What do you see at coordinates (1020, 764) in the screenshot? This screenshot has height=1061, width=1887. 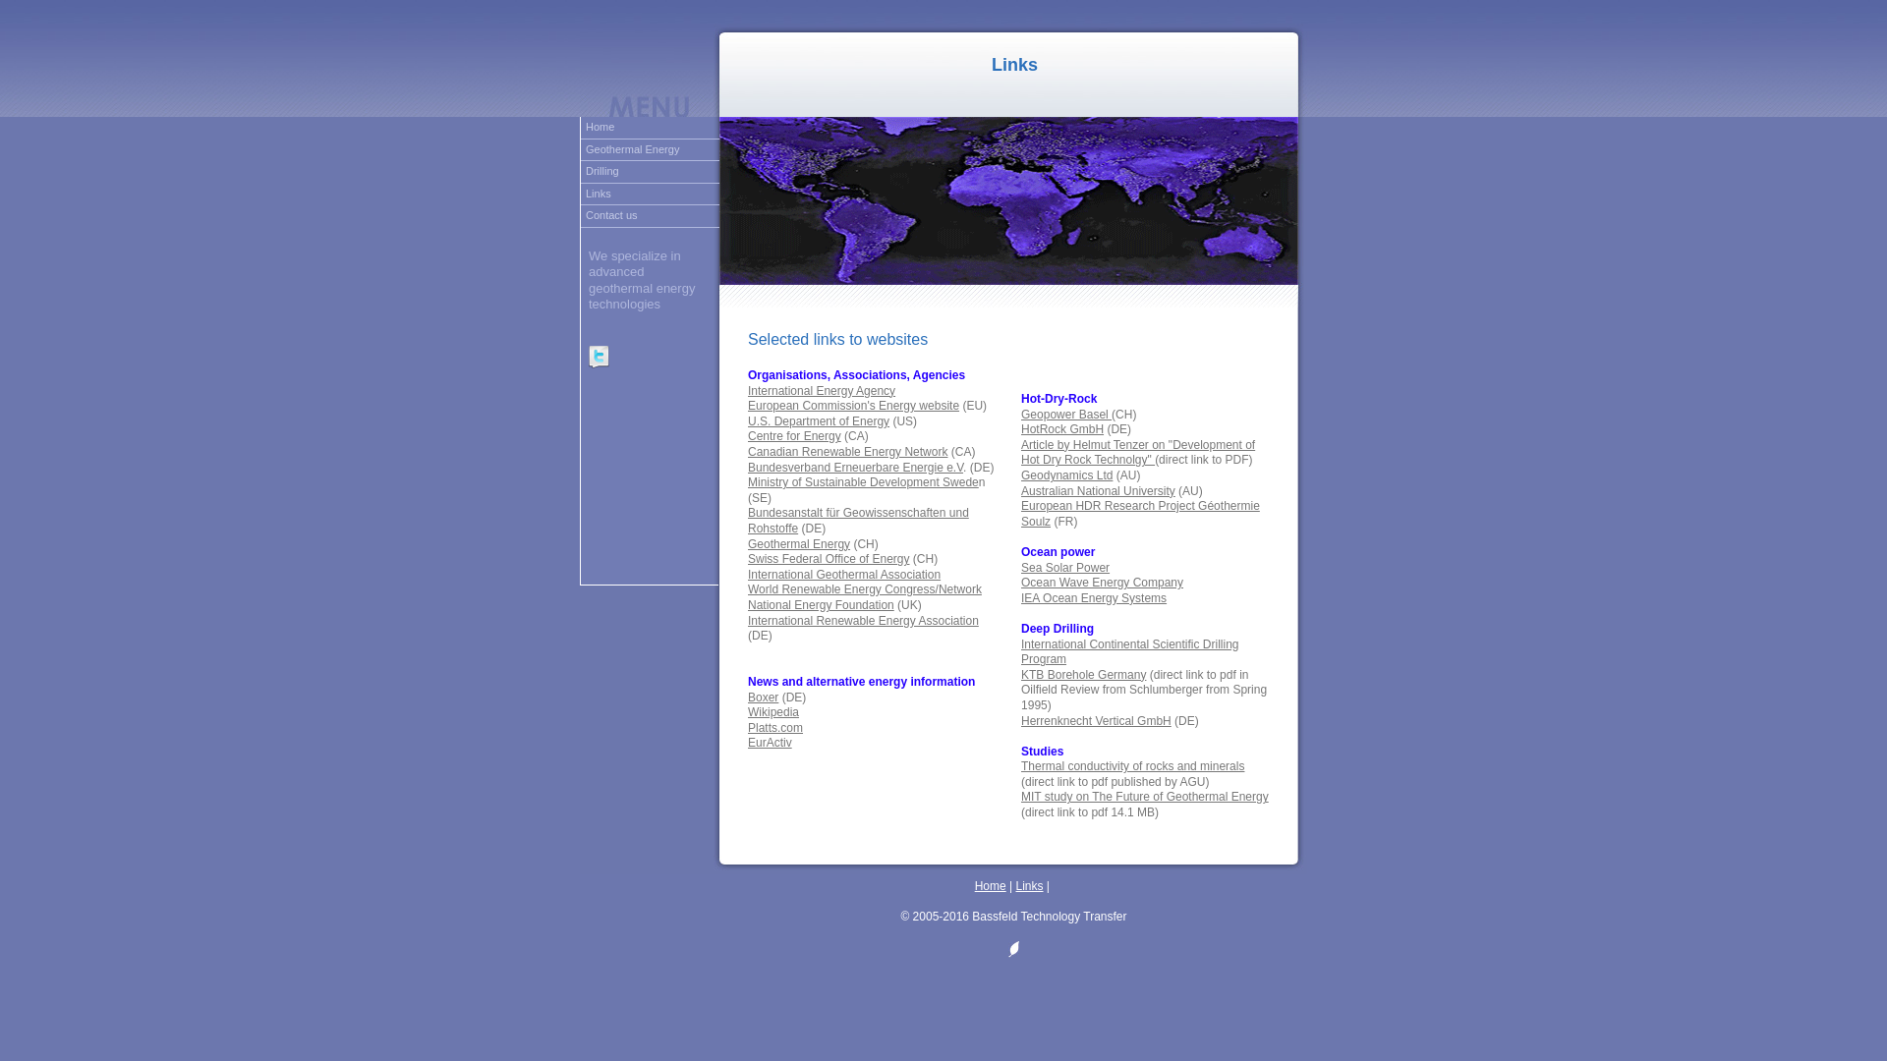 I see `'Thermal conductivity of rocks and minerals'` at bounding box center [1020, 764].